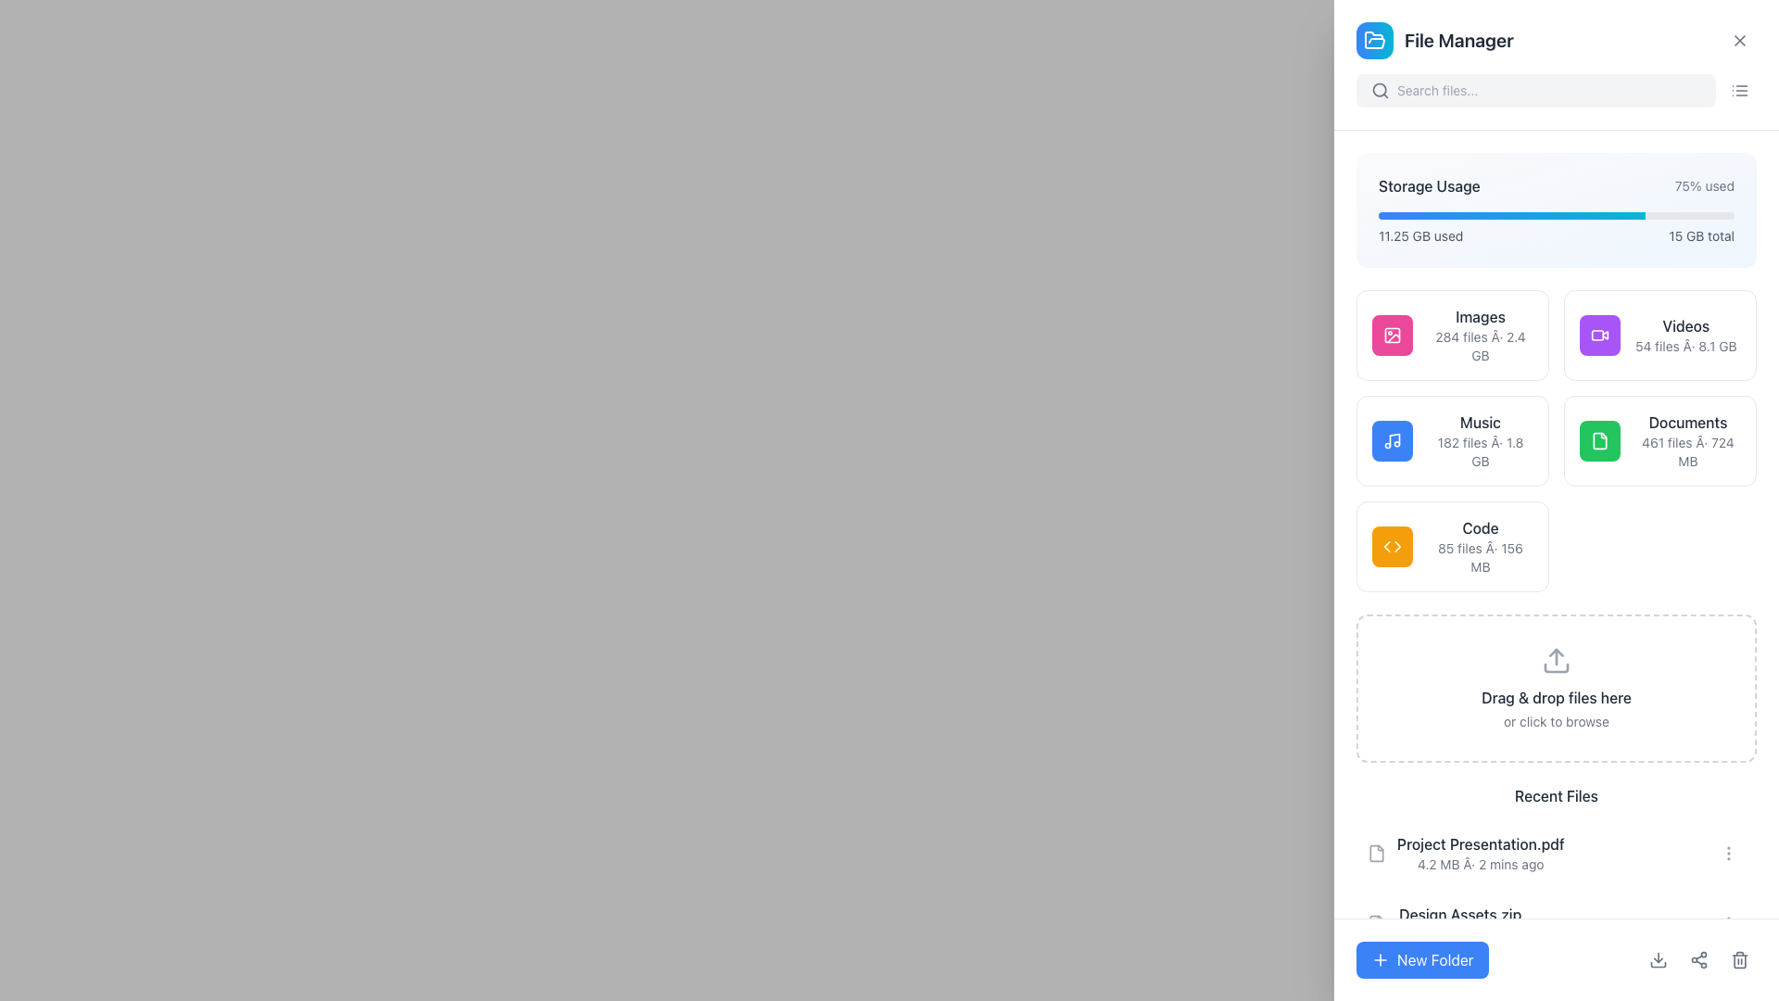  I want to click on on the File entry displaying the name 'Design Assets.zip' in the Recent Files section of the file manager, so click(1445, 923).